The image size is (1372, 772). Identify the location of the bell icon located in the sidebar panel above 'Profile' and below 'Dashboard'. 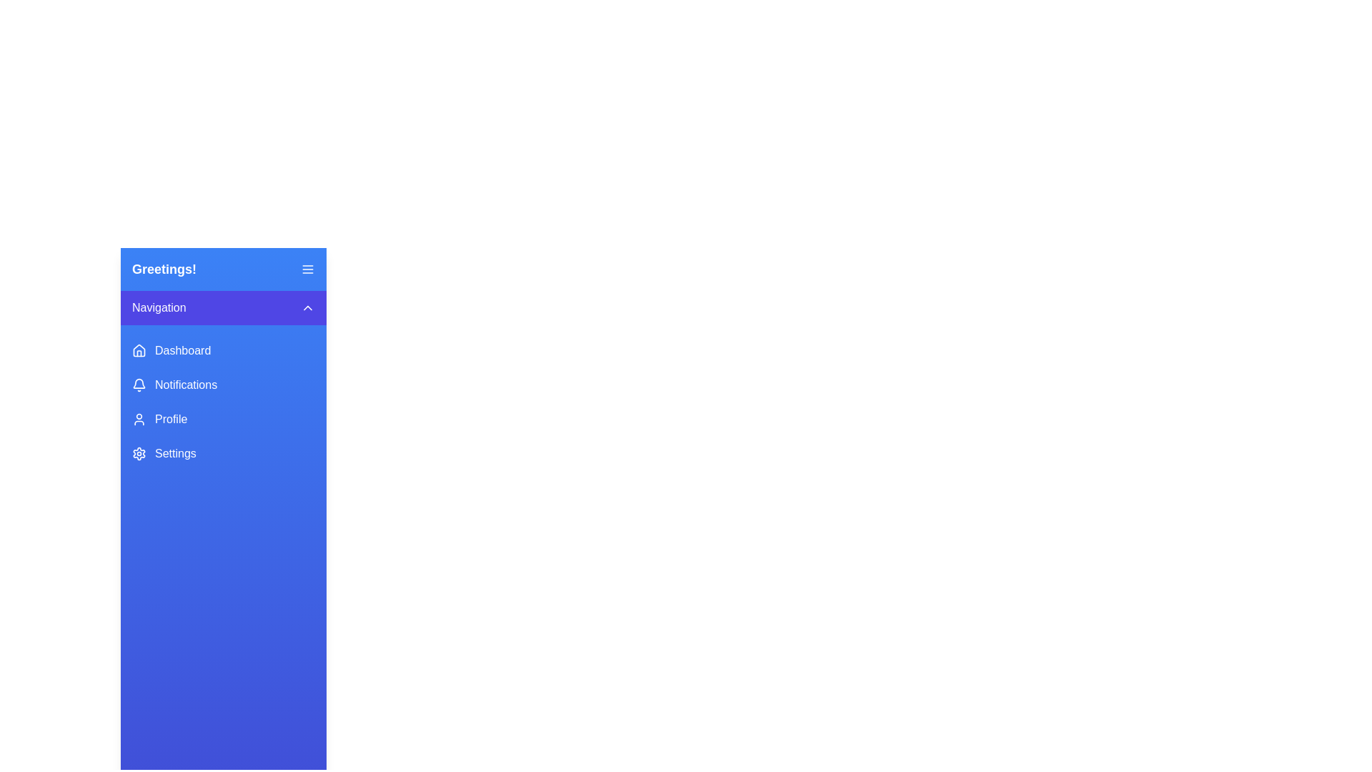
(139, 382).